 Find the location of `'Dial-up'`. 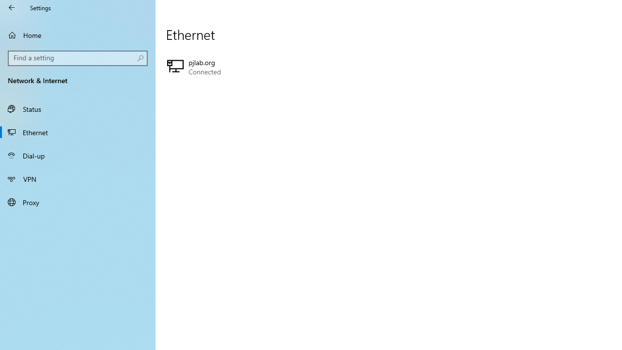

'Dial-up' is located at coordinates (78, 155).